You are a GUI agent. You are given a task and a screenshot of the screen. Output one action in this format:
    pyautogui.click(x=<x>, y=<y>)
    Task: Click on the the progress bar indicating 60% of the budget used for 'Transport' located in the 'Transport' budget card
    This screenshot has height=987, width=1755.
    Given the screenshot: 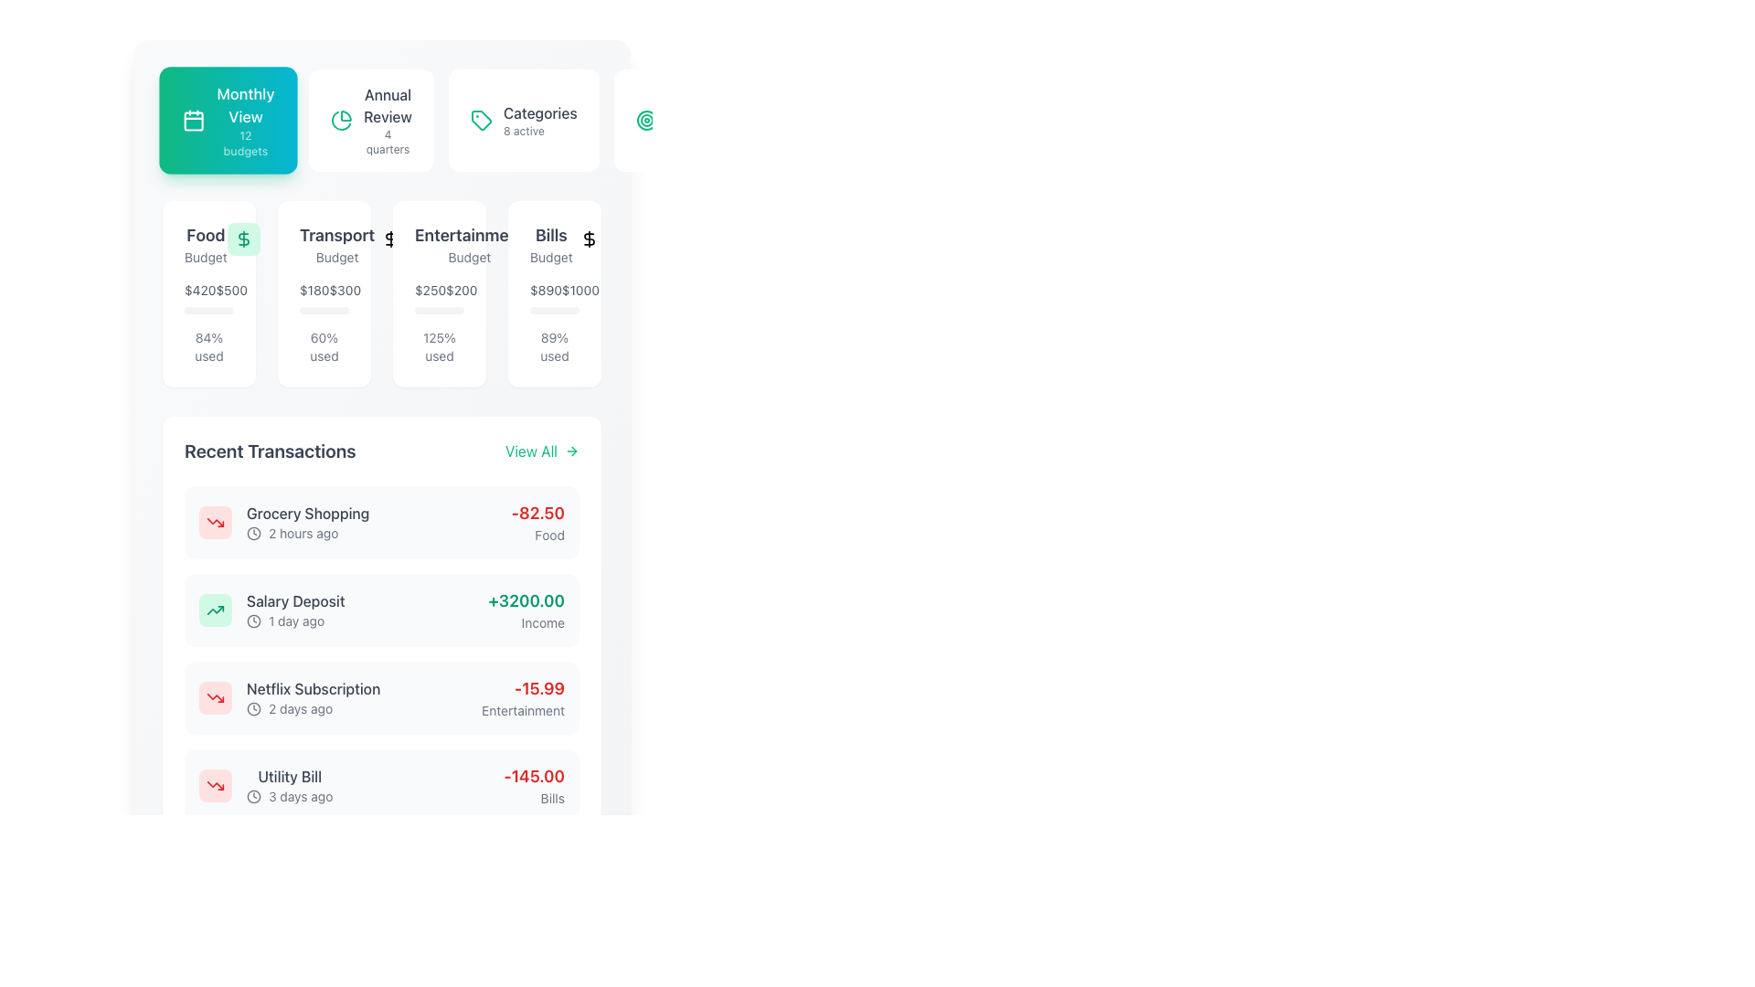 What is the action you would take?
    pyautogui.click(x=314, y=309)
    